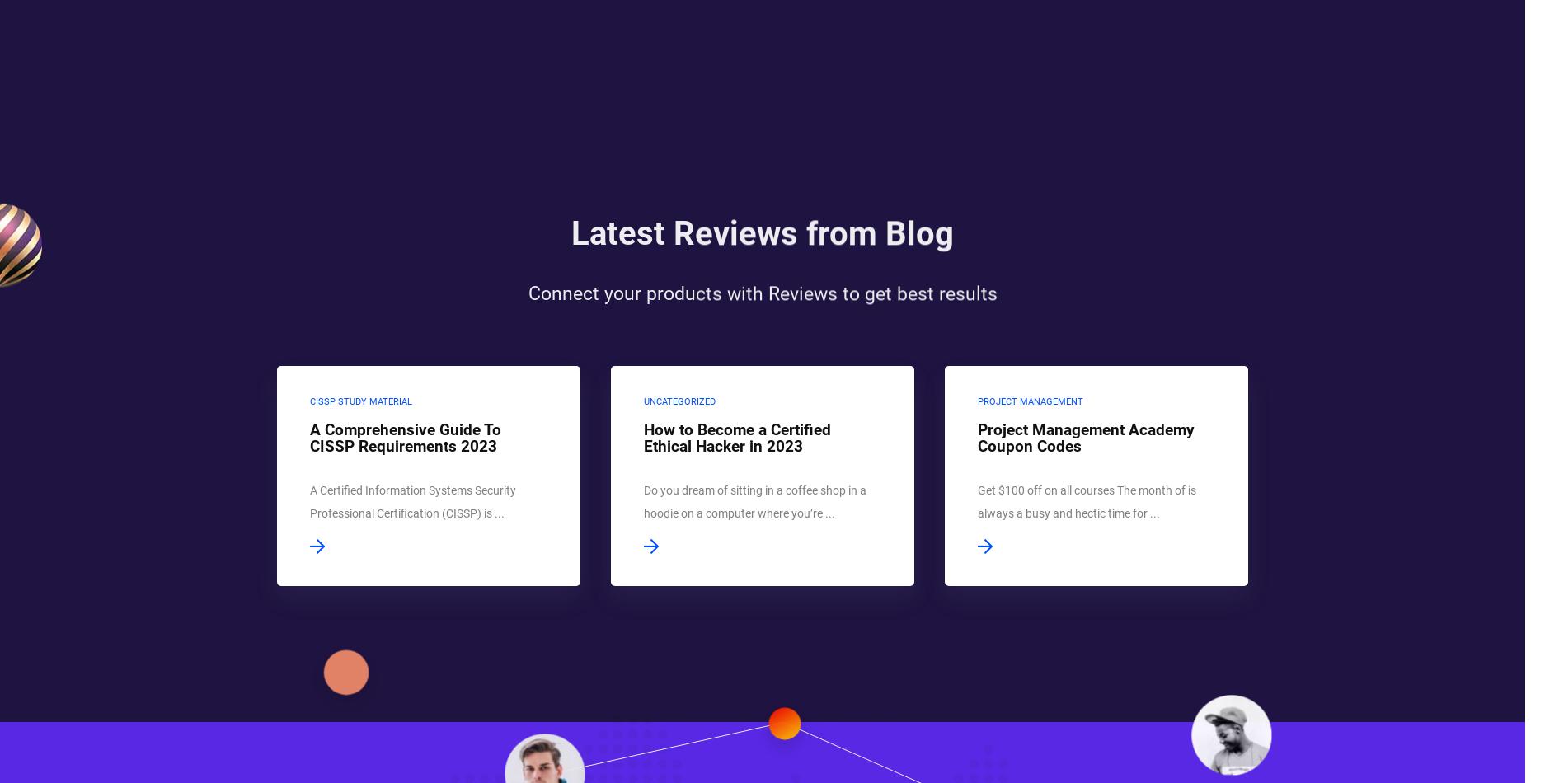  What do you see at coordinates (678, 401) in the screenshot?
I see `'Uncategorized'` at bounding box center [678, 401].